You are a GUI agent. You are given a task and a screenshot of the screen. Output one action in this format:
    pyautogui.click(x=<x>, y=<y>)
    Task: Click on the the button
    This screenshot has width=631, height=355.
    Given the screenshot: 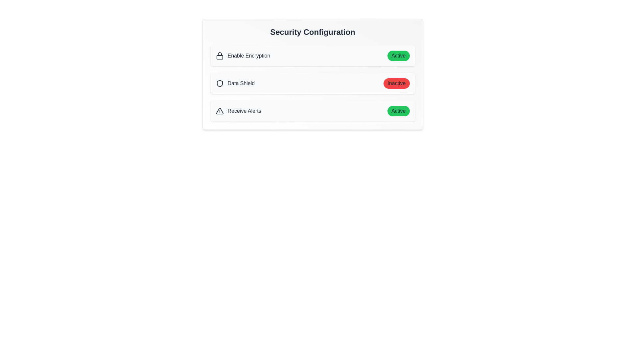 What is the action you would take?
    pyautogui.click(x=396, y=83)
    